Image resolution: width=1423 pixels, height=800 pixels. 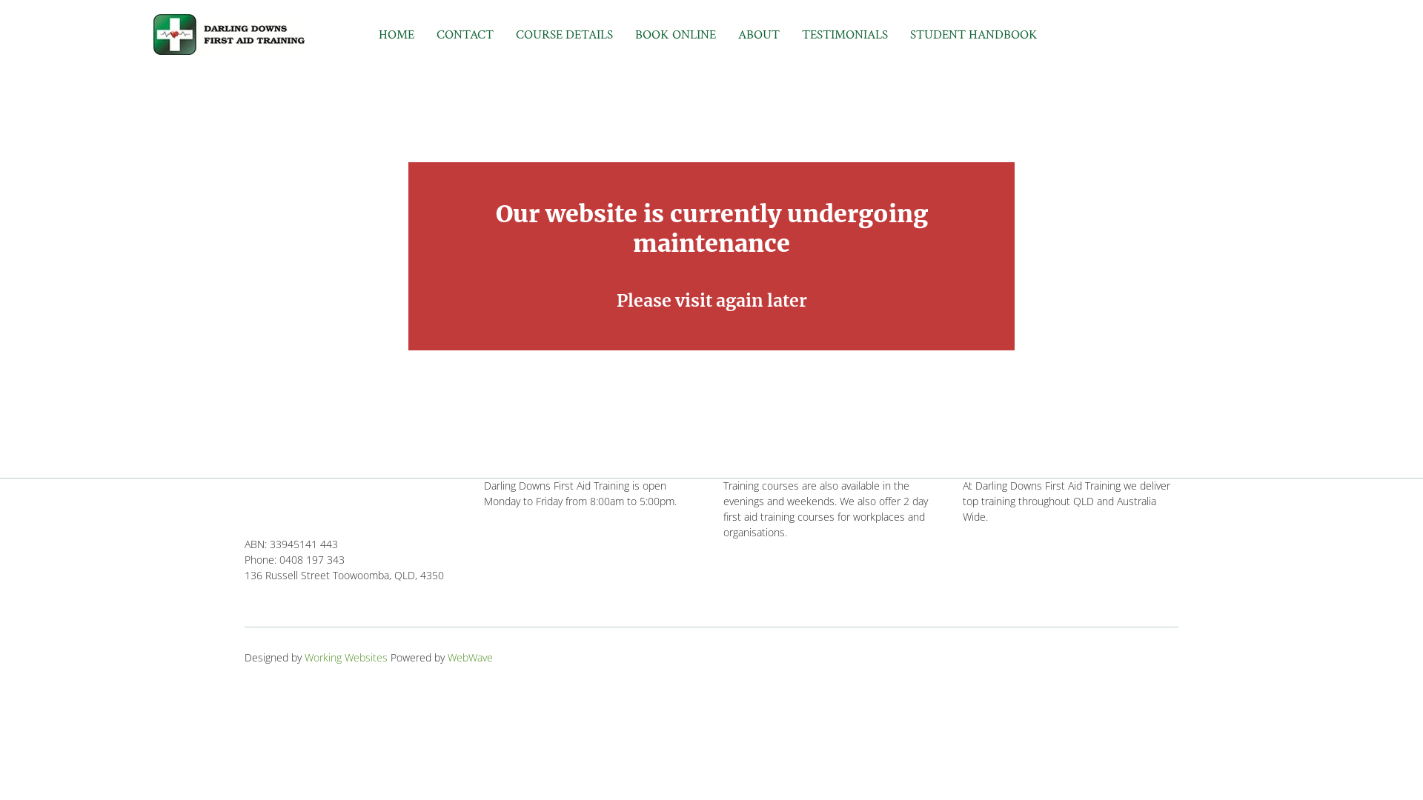 What do you see at coordinates (845, 33) in the screenshot?
I see `'TESTIMONIALS'` at bounding box center [845, 33].